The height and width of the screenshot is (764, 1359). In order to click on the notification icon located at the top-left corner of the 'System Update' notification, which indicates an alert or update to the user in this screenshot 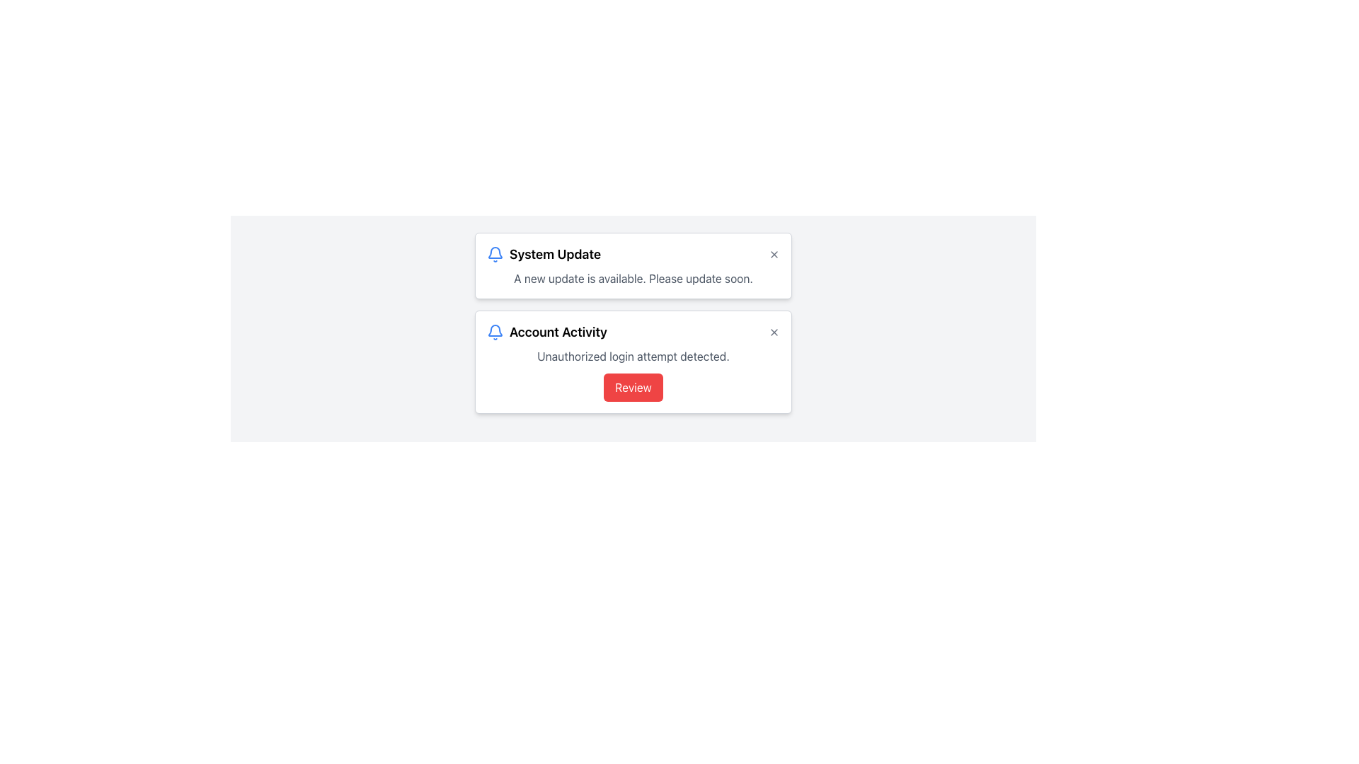, I will do `click(495, 253)`.